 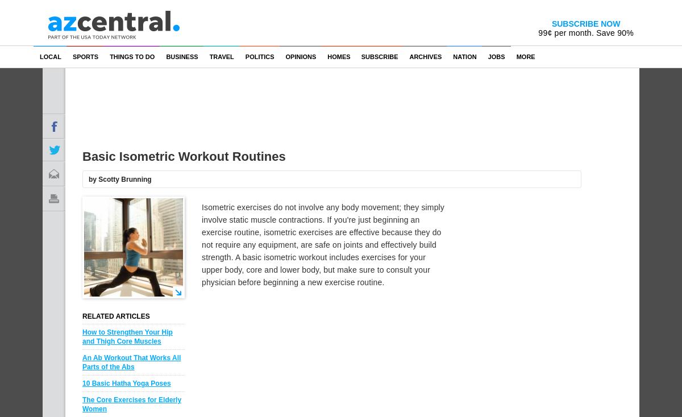 What do you see at coordinates (425, 56) in the screenshot?
I see `'Archives'` at bounding box center [425, 56].